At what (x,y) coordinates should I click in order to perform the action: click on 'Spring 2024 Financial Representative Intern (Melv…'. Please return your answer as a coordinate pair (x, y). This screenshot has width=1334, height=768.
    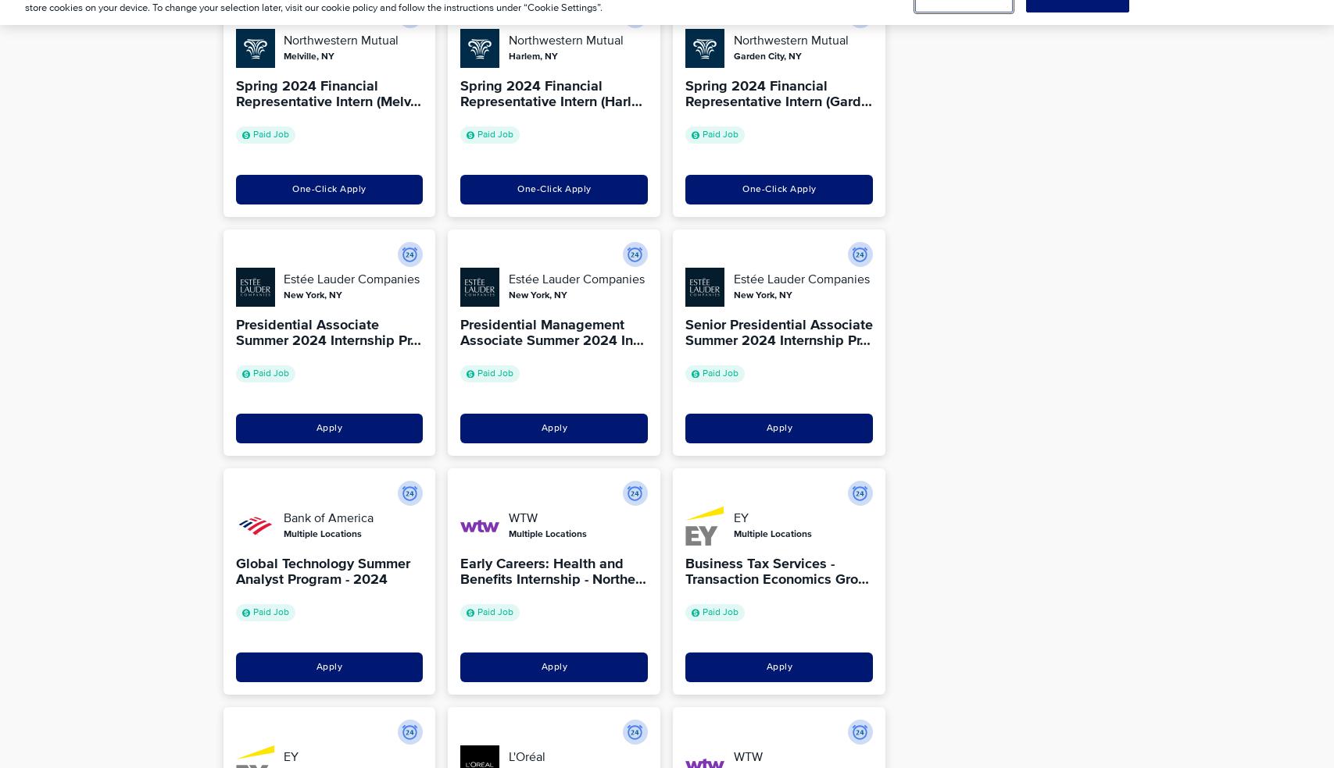
    Looking at the image, I should click on (327, 93).